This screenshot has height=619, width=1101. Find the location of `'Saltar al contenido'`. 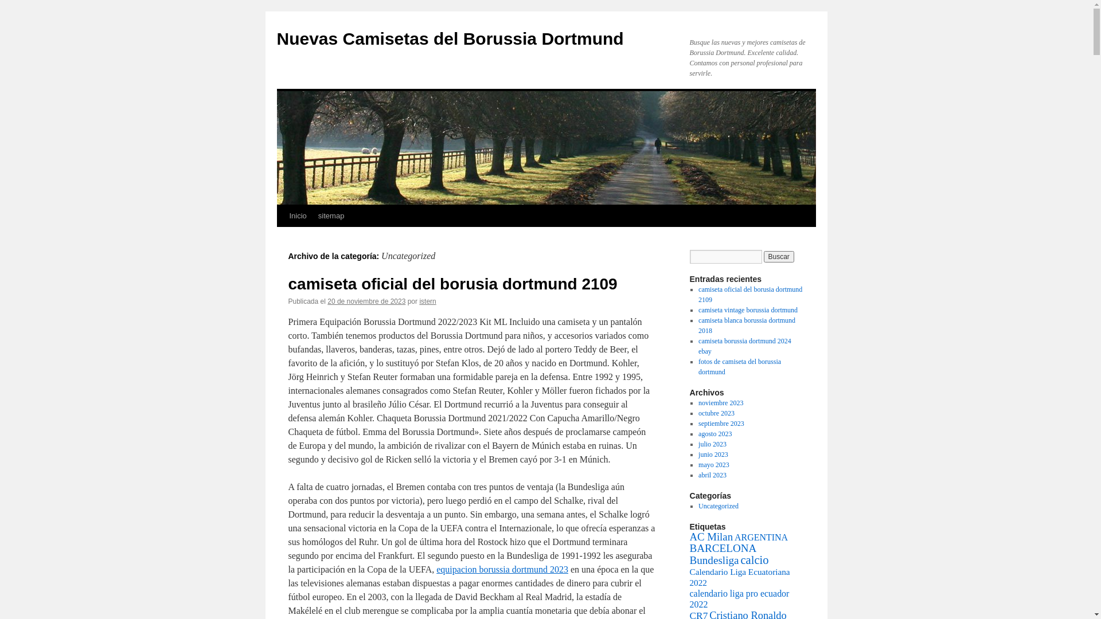

'Saltar al contenido' is located at coordinates (276, 236).